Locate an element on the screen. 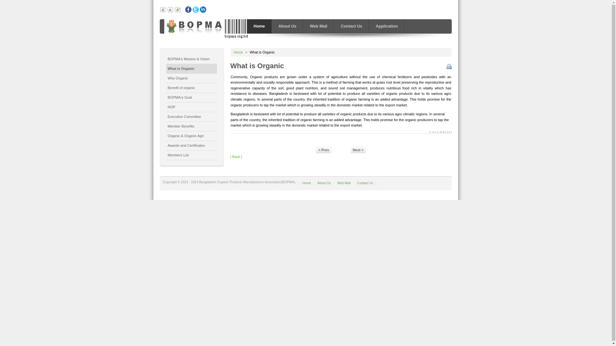 The height and width of the screenshot is (346, 616). '[ Back ]' is located at coordinates (236, 157).